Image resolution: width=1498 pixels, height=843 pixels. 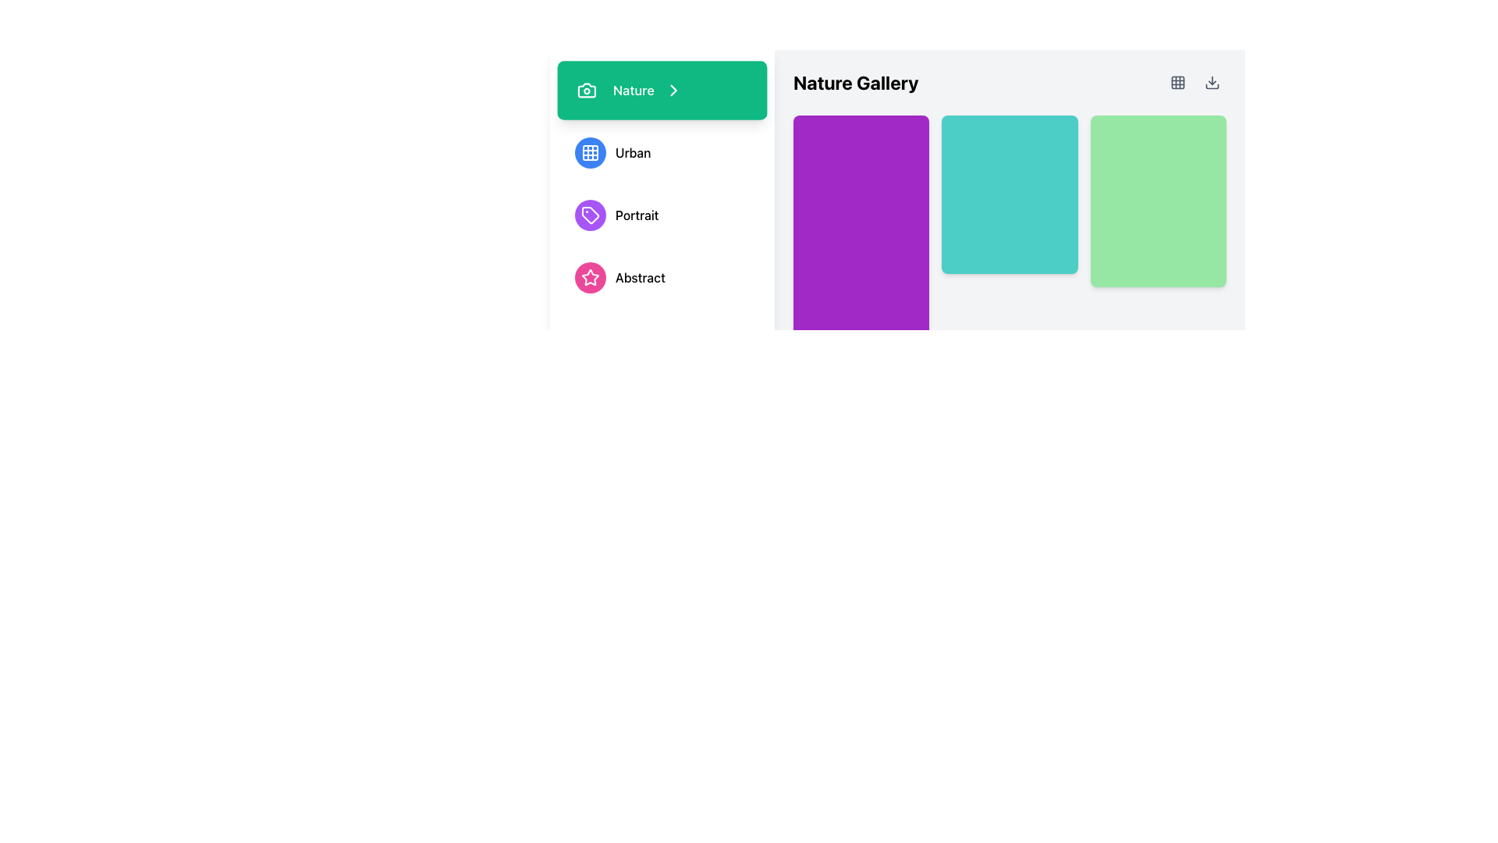 What do you see at coordinates (590, 276) in the screenshot?
I see `the pink star-shaped icon button located in the vertical menu on the left side, positioned below the 'Portrait' category and above the 'Nature' category` at bounding box center [590, 276].